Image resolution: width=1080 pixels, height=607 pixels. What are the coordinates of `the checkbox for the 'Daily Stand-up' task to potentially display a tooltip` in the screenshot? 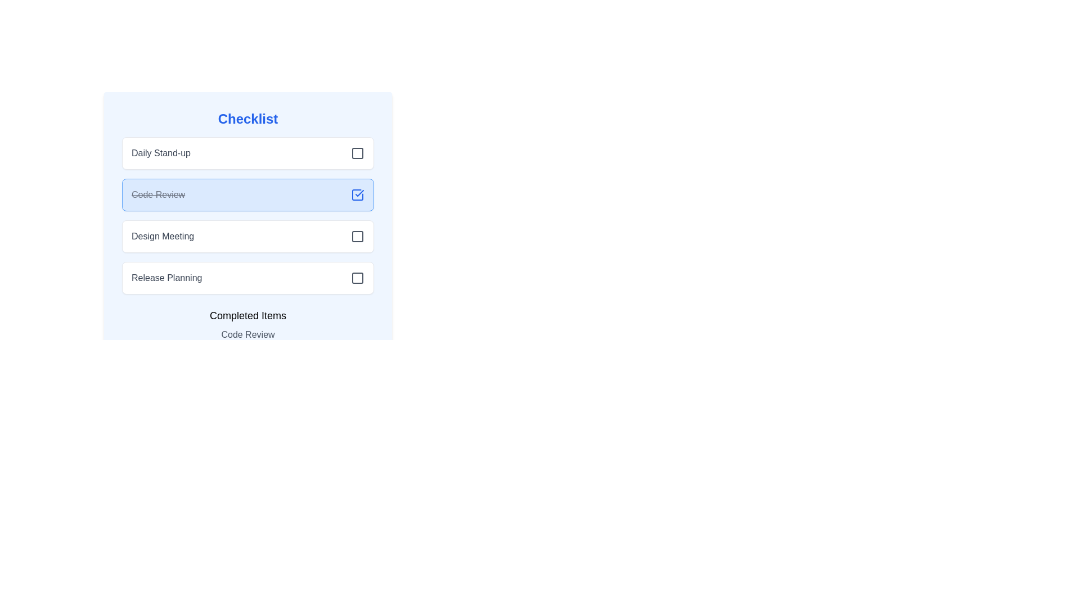 It's located at (357, 153).